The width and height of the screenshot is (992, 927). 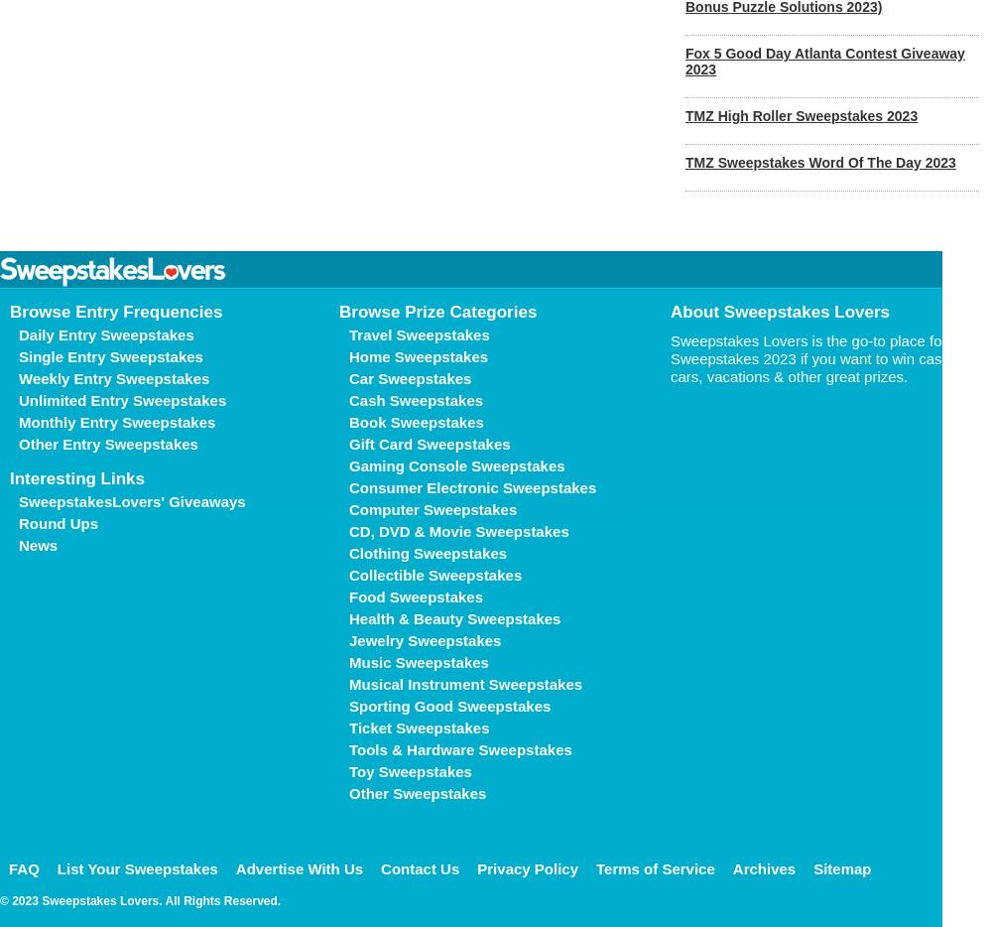 I want to click on 'Browse Prize Categories', so click(x=436, y=311).